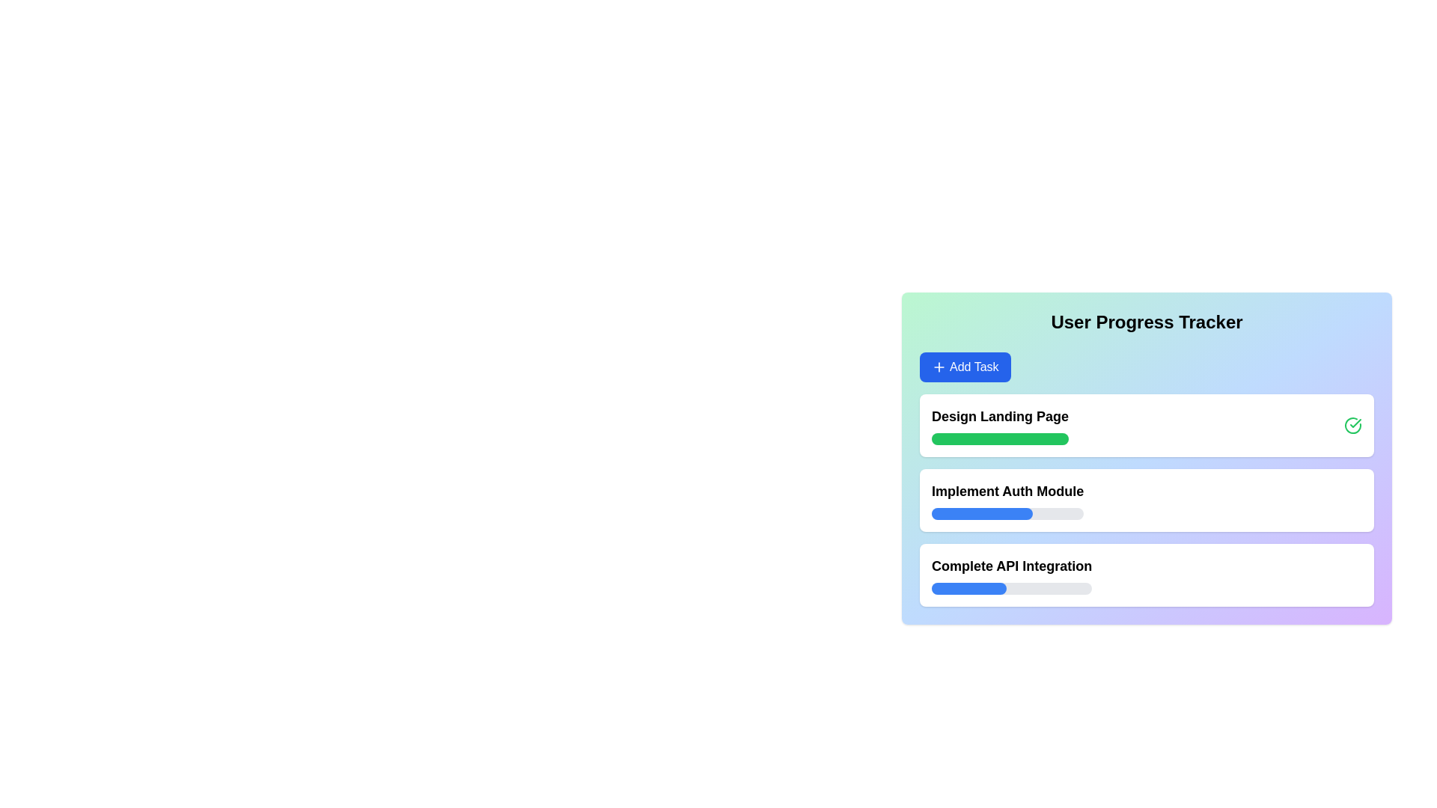 The width and height of the screenshot is (1437, 808). Describe the element at coordinates (974, 587) in the screenshot. I see `the progress bar completion` at that location.